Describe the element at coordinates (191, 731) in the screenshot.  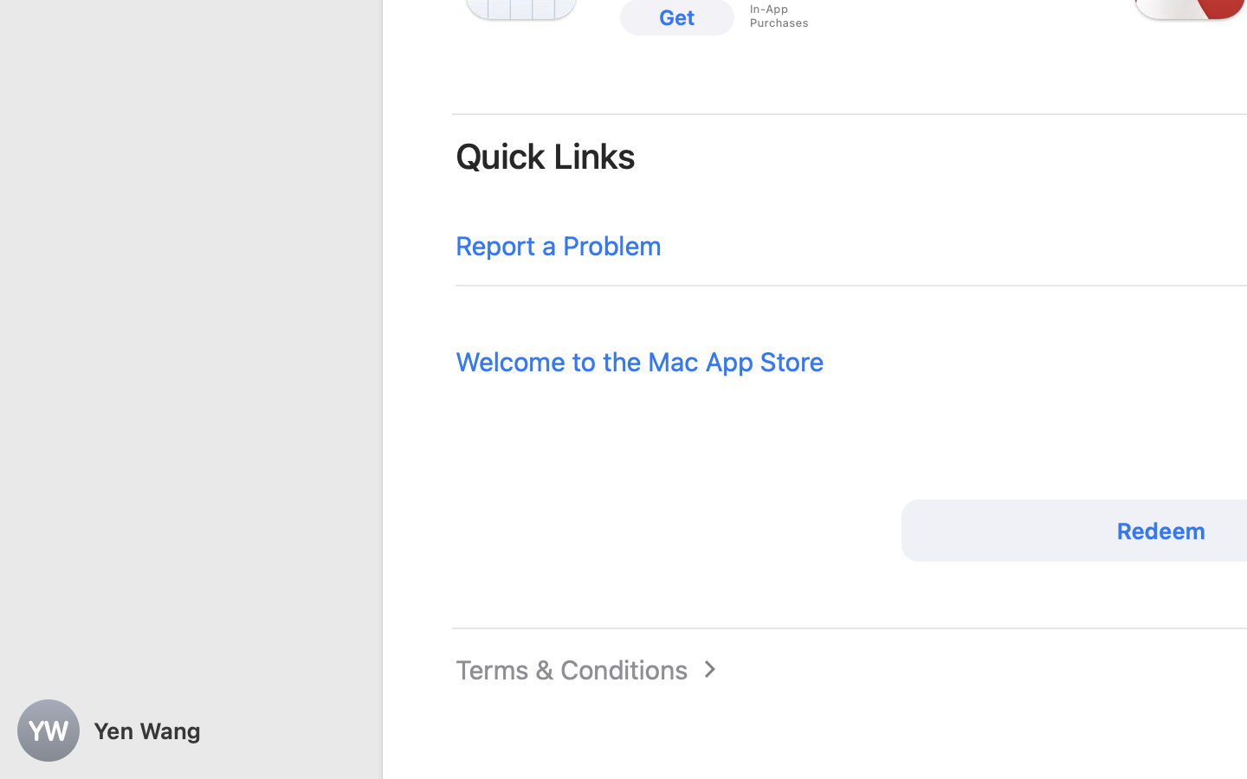
I see `'Yen Wang'` at that location.